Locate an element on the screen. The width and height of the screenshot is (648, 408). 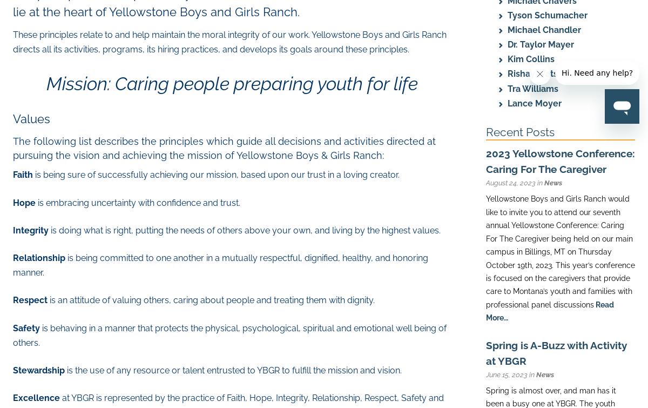
'is the use of any resource or talent entrusted to YBGR to fulfill the mission and vision.' is located at coordinates (233, 369).